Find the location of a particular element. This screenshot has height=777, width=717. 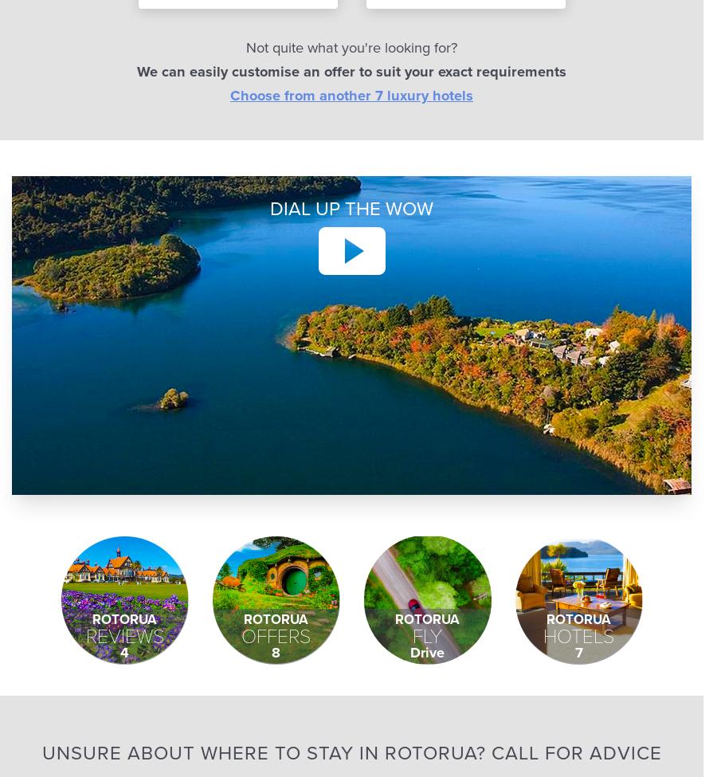

'Legal' is located at coordinates (461, 57).